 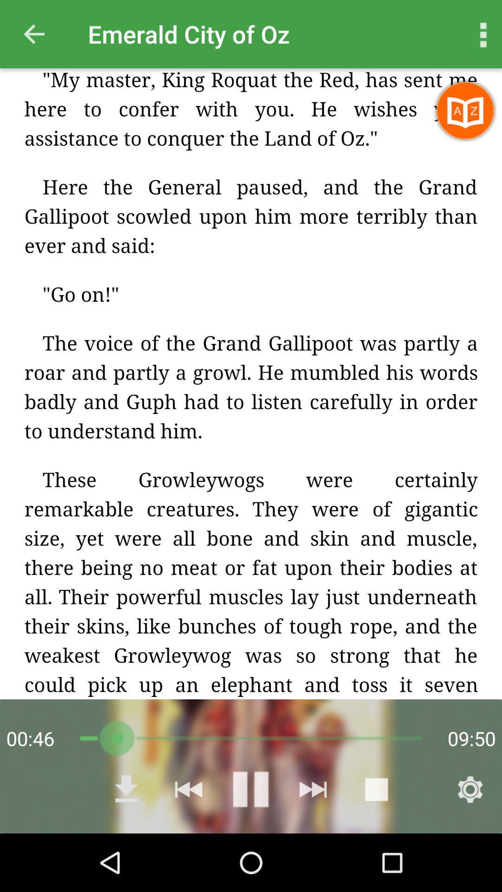 What do you see at coordinates (188, 789) in the screenshot?
I see `the av_rewind icon` at bounding box center [188, 789].